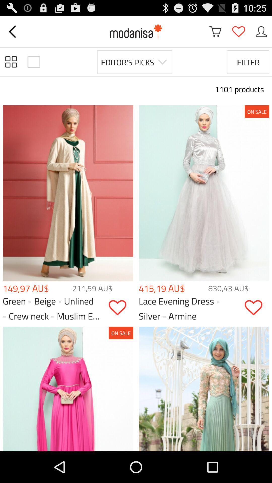  I want to click on the cart icon, so click(215, 33).